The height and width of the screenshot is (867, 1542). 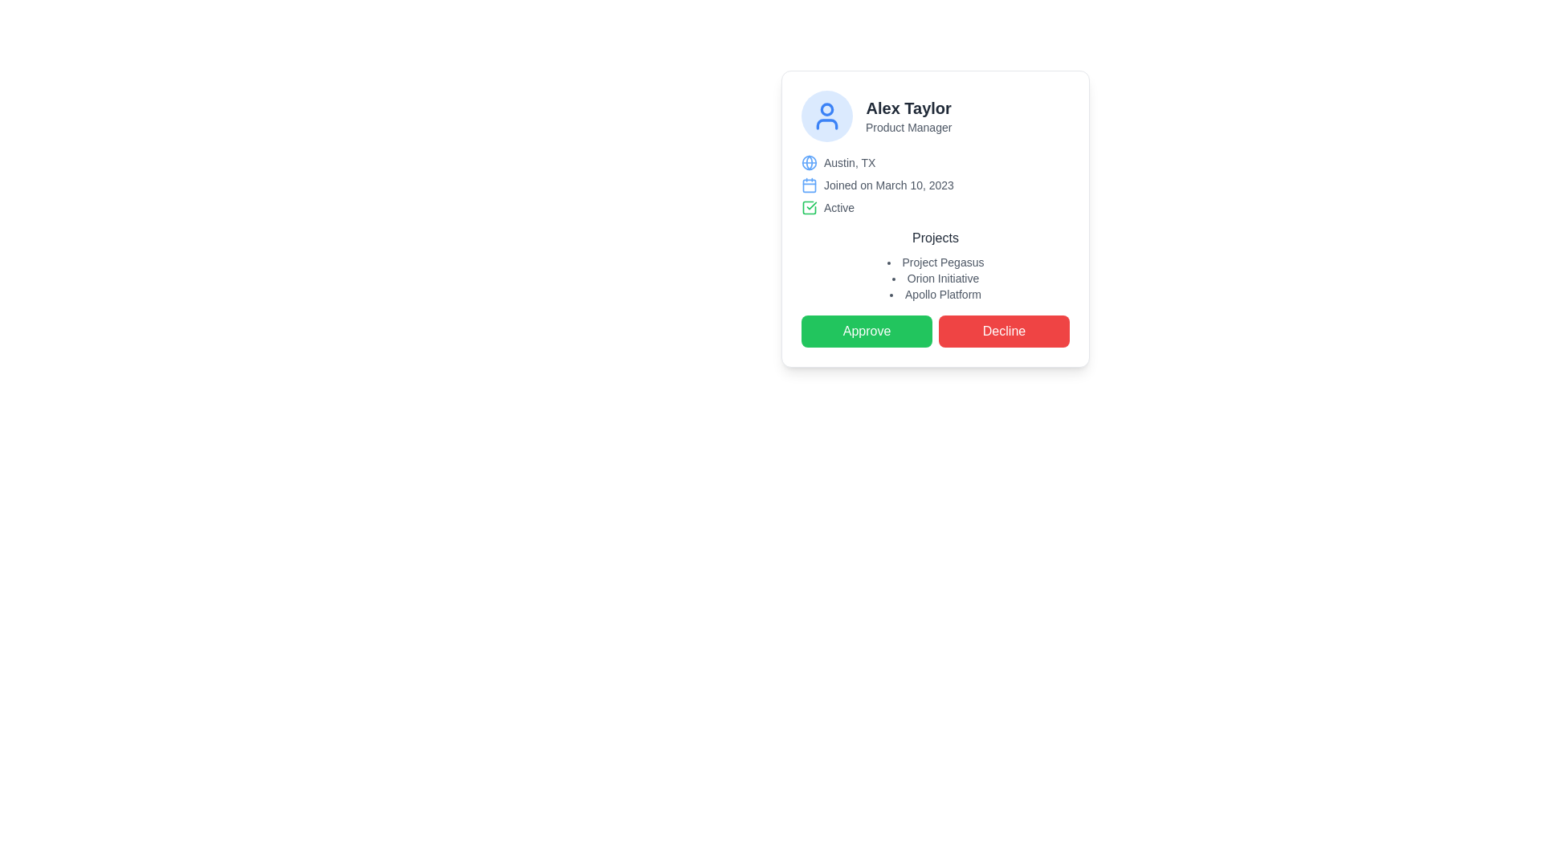 What do you see at coordinates (887, 185) in the screenshot?
I see `the text label displaying 'Joined on March 10, 2023', which is located next to a calendar icon in the right section of a centered card interface` at bounding box center [887, 185].